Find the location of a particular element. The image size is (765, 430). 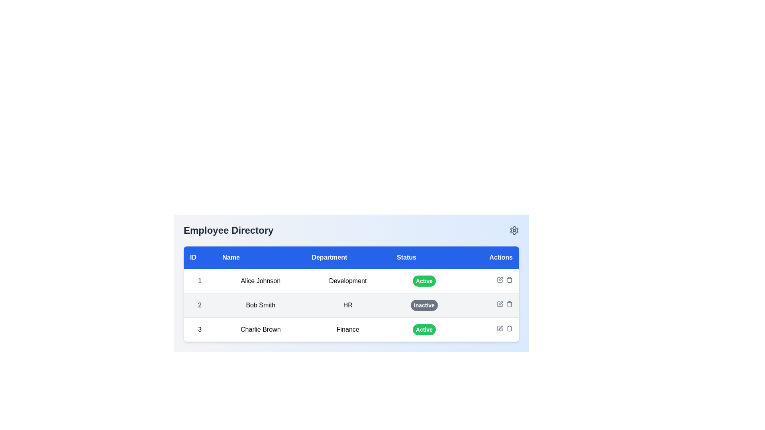

the text label displaying 'Bob Smith' in the second column of the table under the 'Name' label is located at coordinates (261, 305).